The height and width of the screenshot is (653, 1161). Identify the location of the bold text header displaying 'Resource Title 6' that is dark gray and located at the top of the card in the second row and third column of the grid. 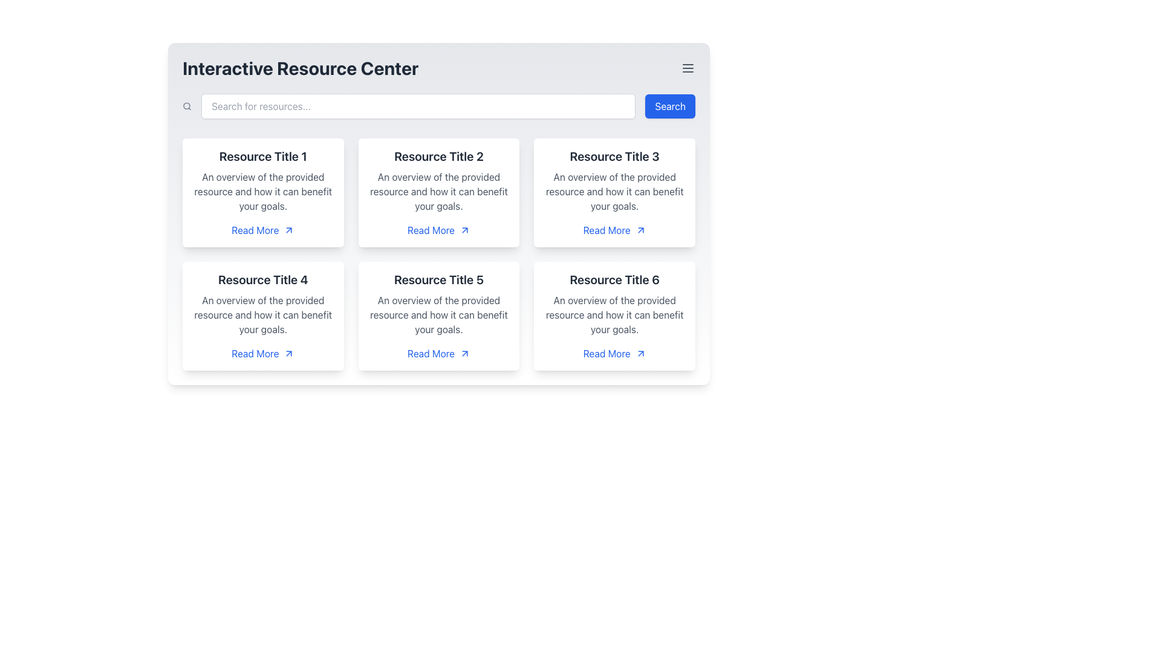
(614, 279).